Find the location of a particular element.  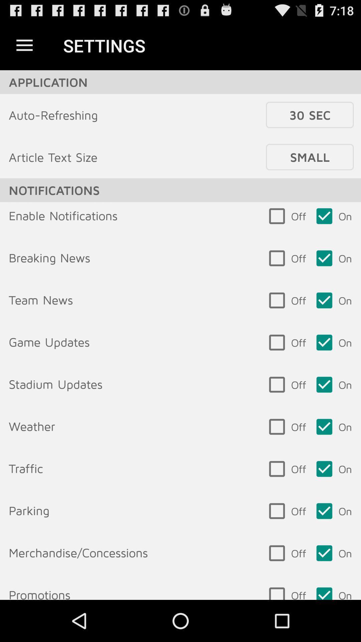

icon next to the settings icon is located at coordinates (24, 45).